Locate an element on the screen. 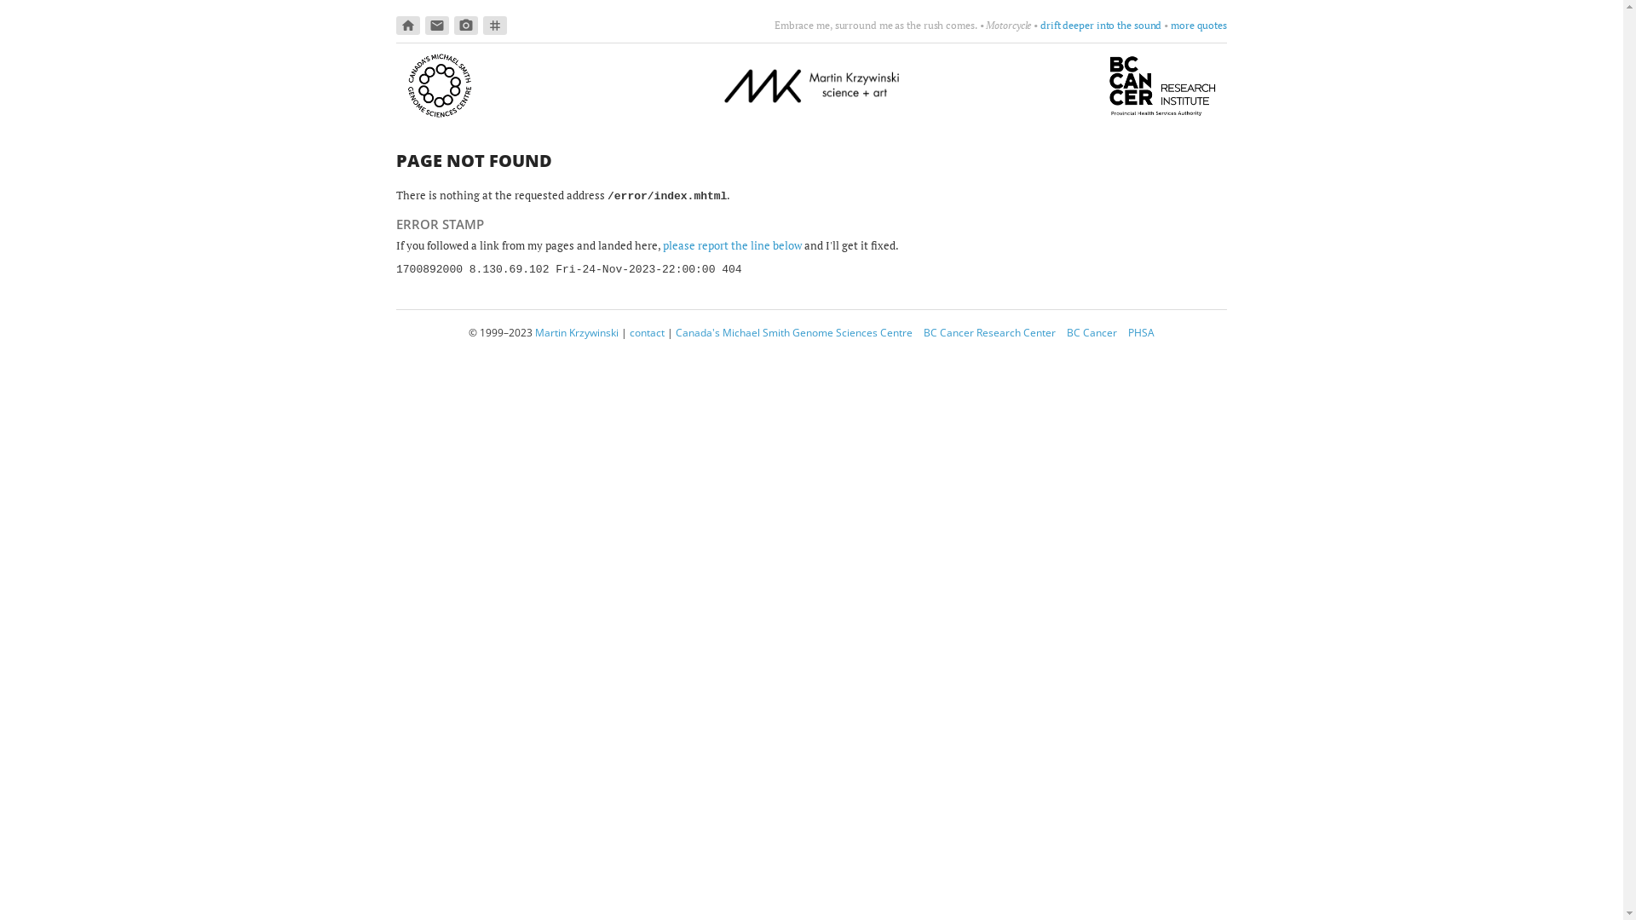  'Canada's Michael Smith Genome Sciences Centre' is located at coordinates (792, 332).